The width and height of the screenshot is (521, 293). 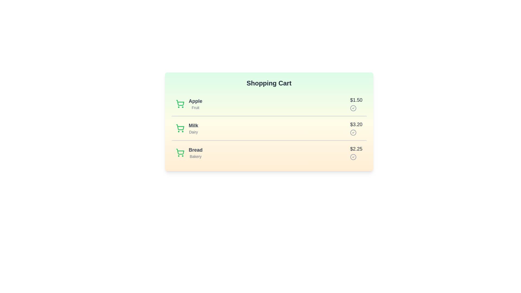 What do you see at coordinates (269, 152) in the screenshot?
I see `the item Bread to trigger visual feedback` at bounding box center [269, 152].